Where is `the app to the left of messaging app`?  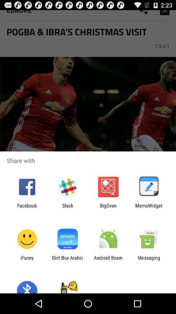 the app to the left of messaging app is located at coordinates (108, 260).